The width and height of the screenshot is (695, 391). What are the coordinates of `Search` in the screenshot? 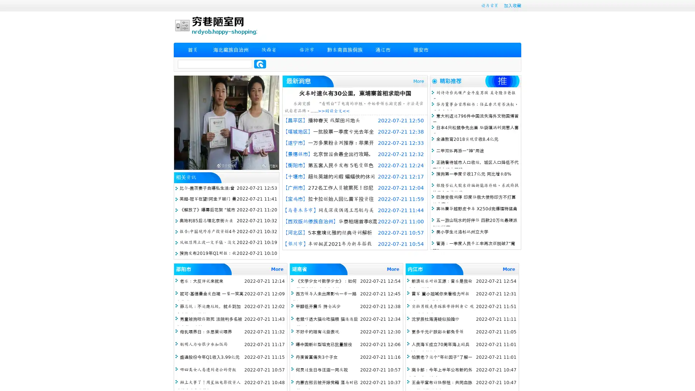 It's located at (260, 64).